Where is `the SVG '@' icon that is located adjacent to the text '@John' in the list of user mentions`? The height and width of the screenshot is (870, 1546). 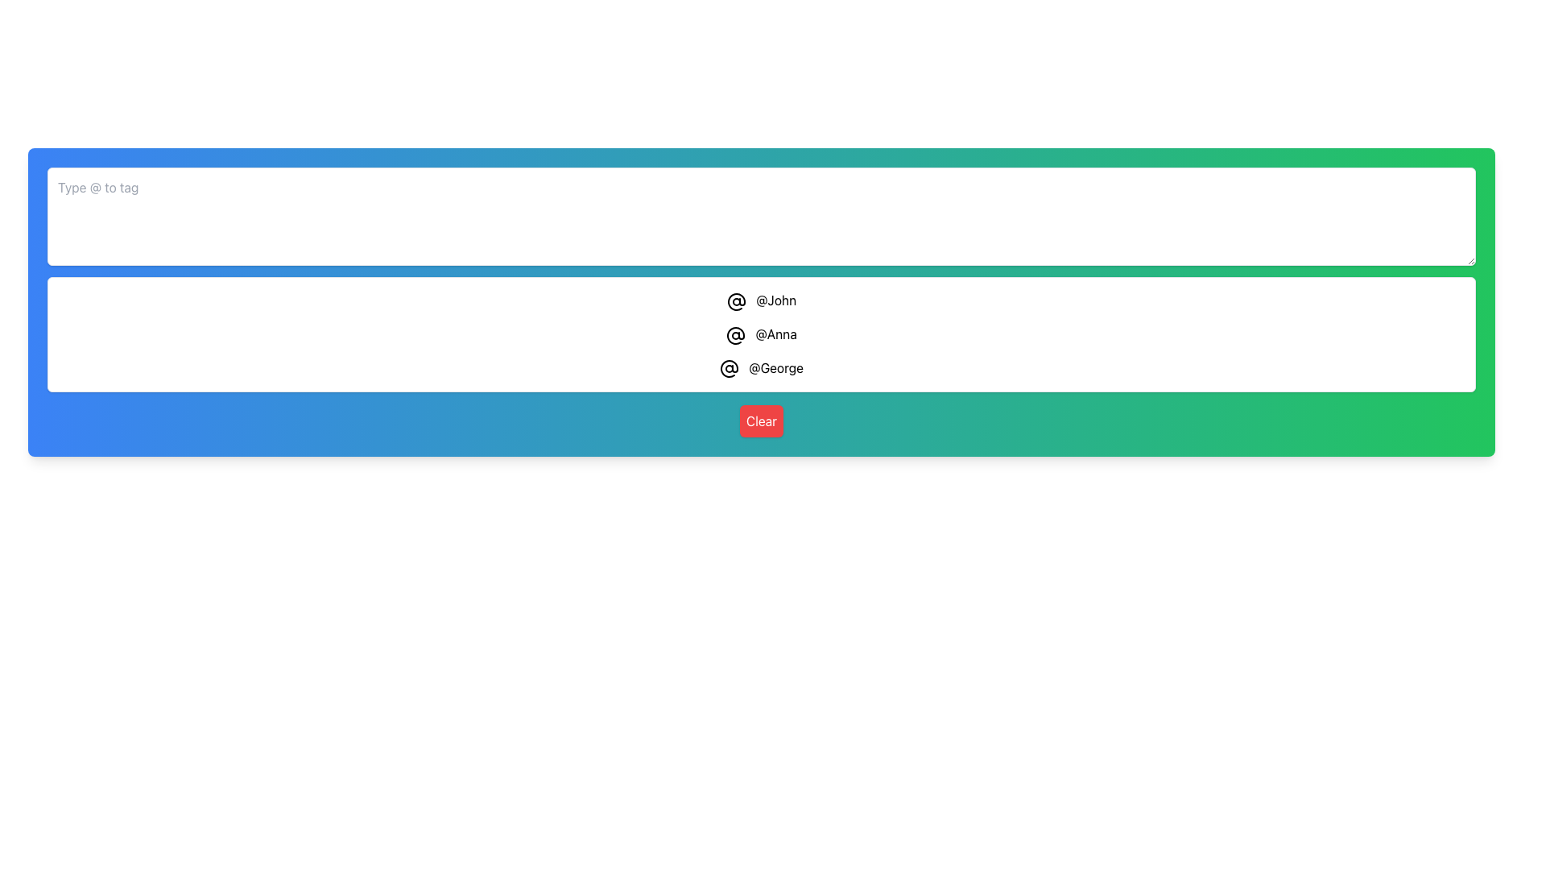
the SVG '@' icon that is located adjacent to the text '@John' in the list of user mentions is located at coordinates (735, 301).